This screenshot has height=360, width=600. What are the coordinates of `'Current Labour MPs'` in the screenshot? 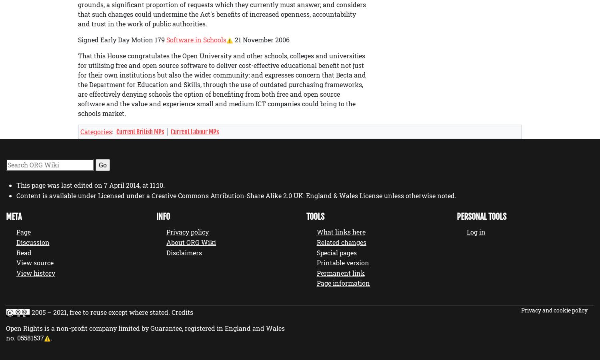 It's located at (194, 132).